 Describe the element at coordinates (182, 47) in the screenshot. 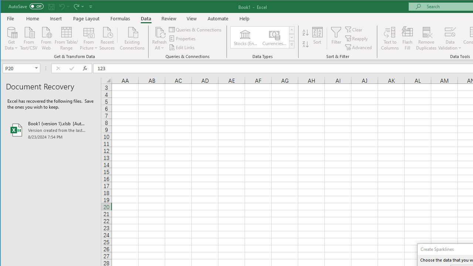

I see `'Edit Links'` at that location.